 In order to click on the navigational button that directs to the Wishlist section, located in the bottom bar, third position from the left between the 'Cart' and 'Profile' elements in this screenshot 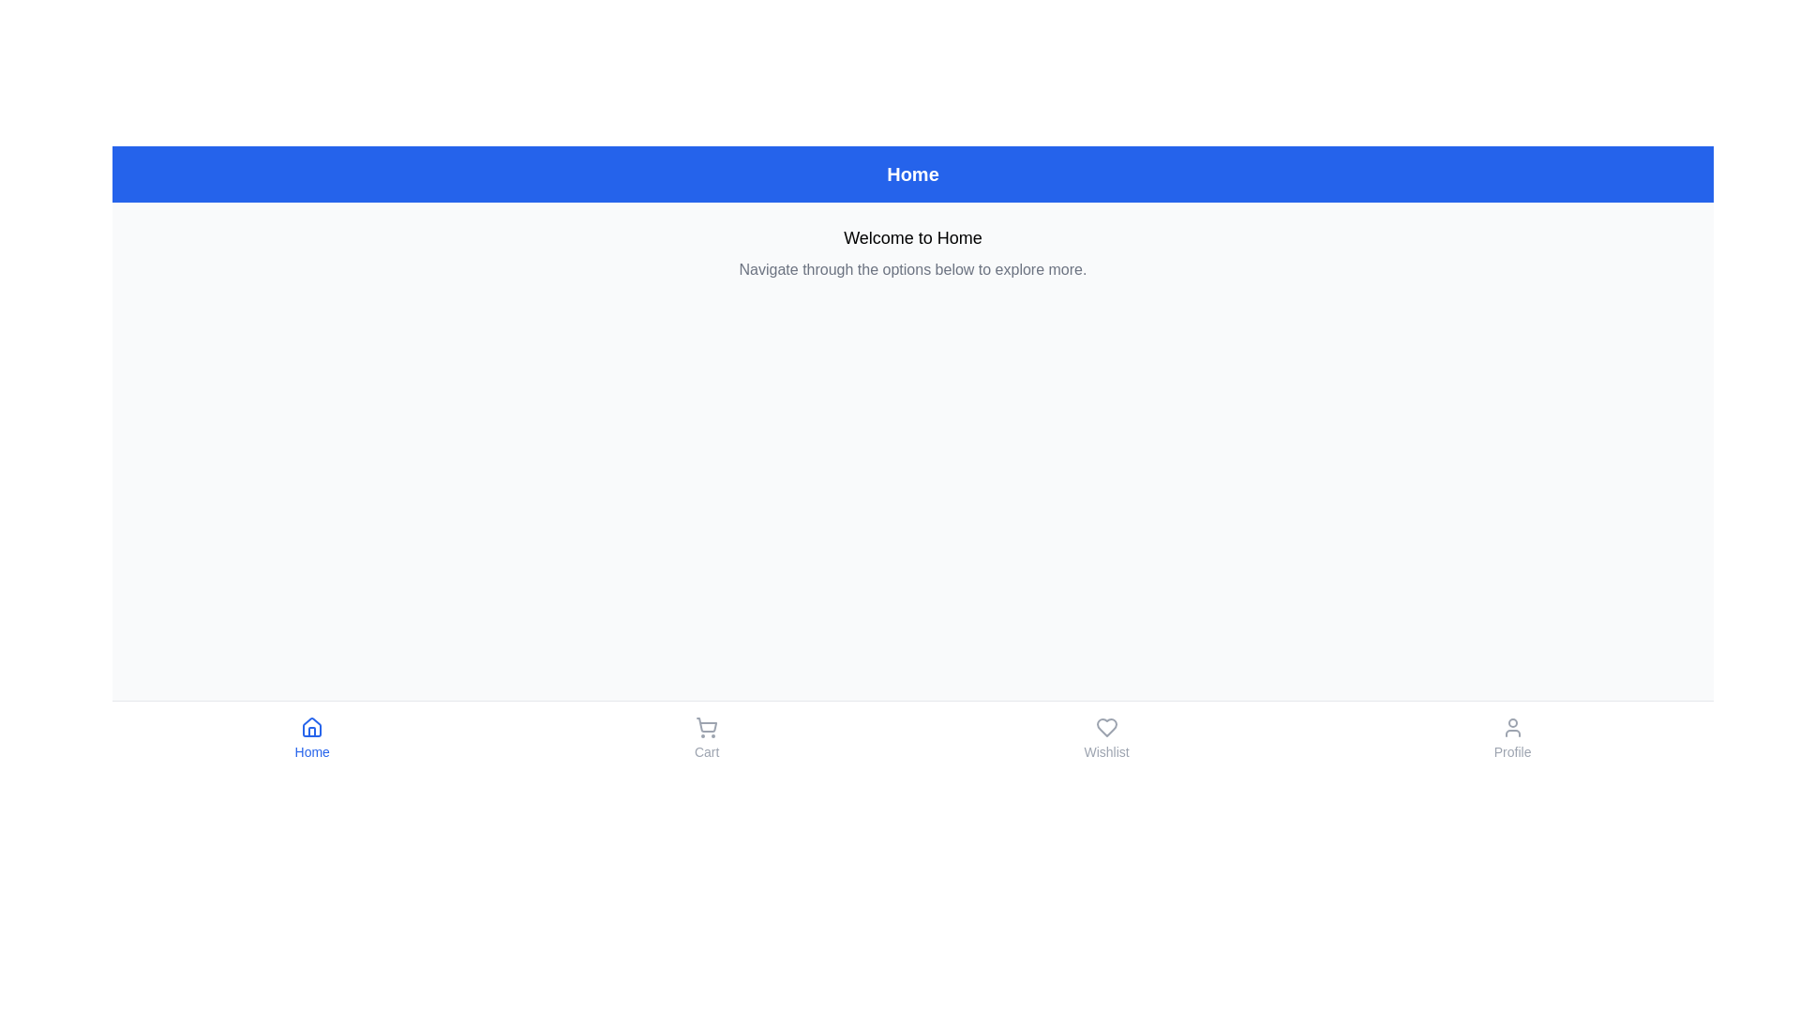, I will do `click(1106, 737)`.